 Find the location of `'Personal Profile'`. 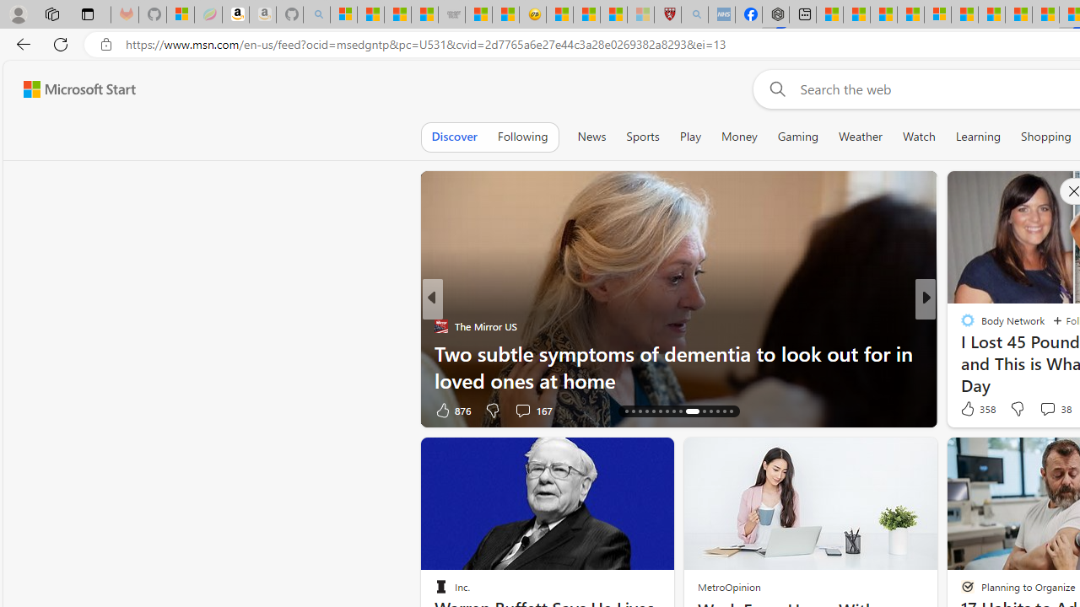

'Personal Profile' is located at coordinates (18, 13).